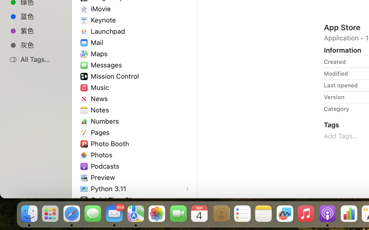 This screenshot has height=230, width=369. I want to click on 'Information', so click(342, 50).